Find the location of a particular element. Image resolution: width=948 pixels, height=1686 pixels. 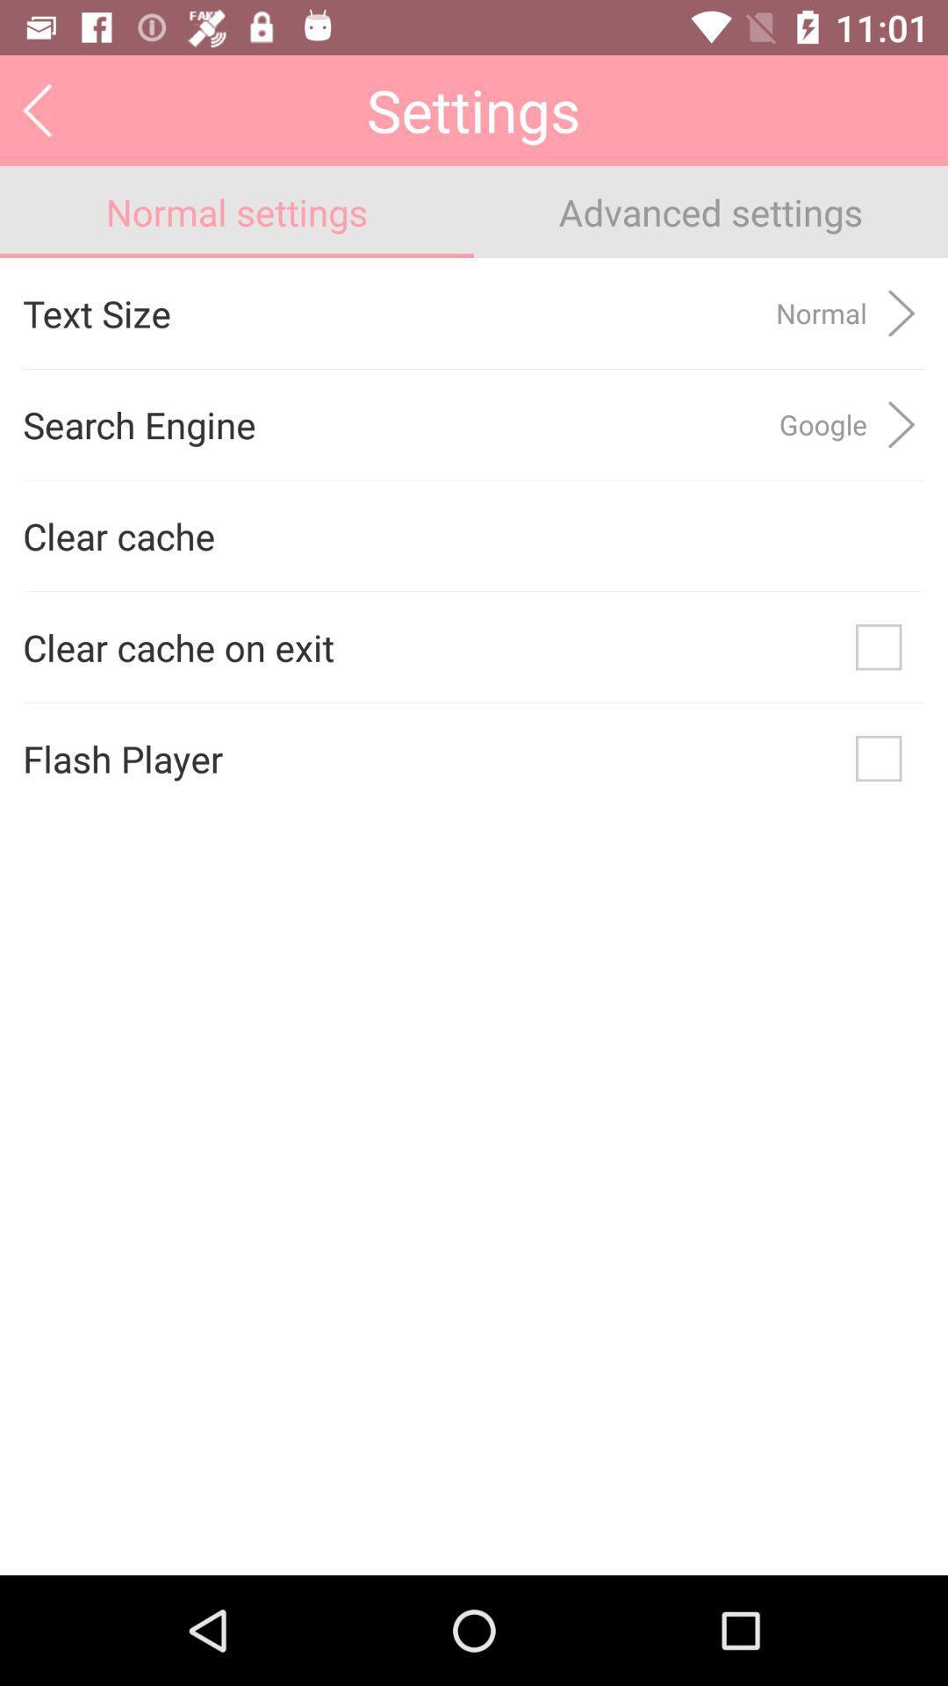

the icon to the right of the flash player app is located at coordinates (879, 759).